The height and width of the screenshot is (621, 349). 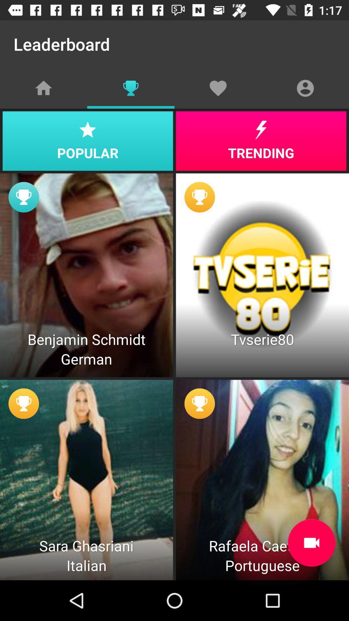 I want to click on the videocam icon, so click(x=311, y=543).